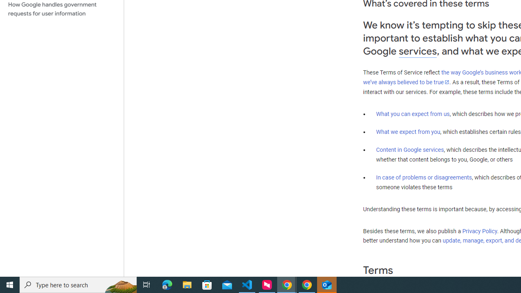 This screenshot has width=521, height=293. What do you see at coordinates (408, 131) in the screenshot?
I see `'What we expect from you'` at bounding box center [408, 131].